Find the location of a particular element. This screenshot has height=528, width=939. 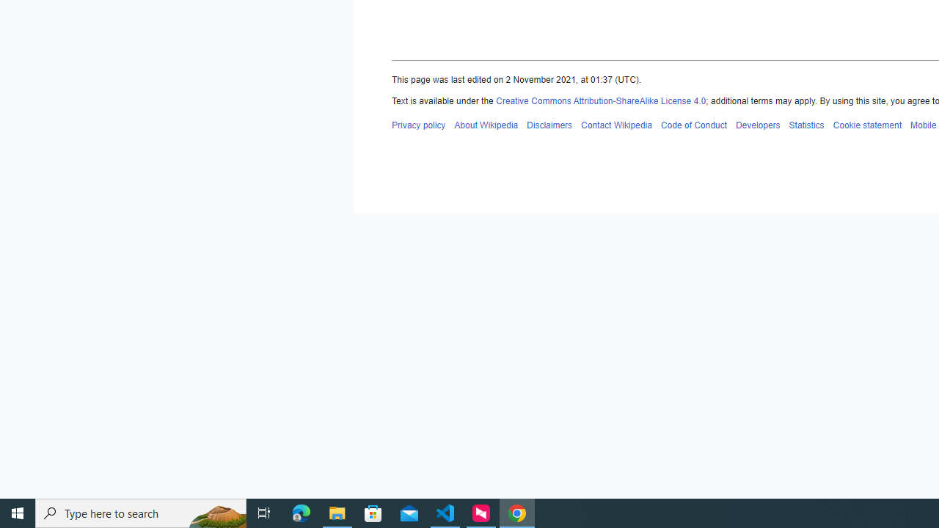

'Privacy policy' is located at coordinates (417, 124).